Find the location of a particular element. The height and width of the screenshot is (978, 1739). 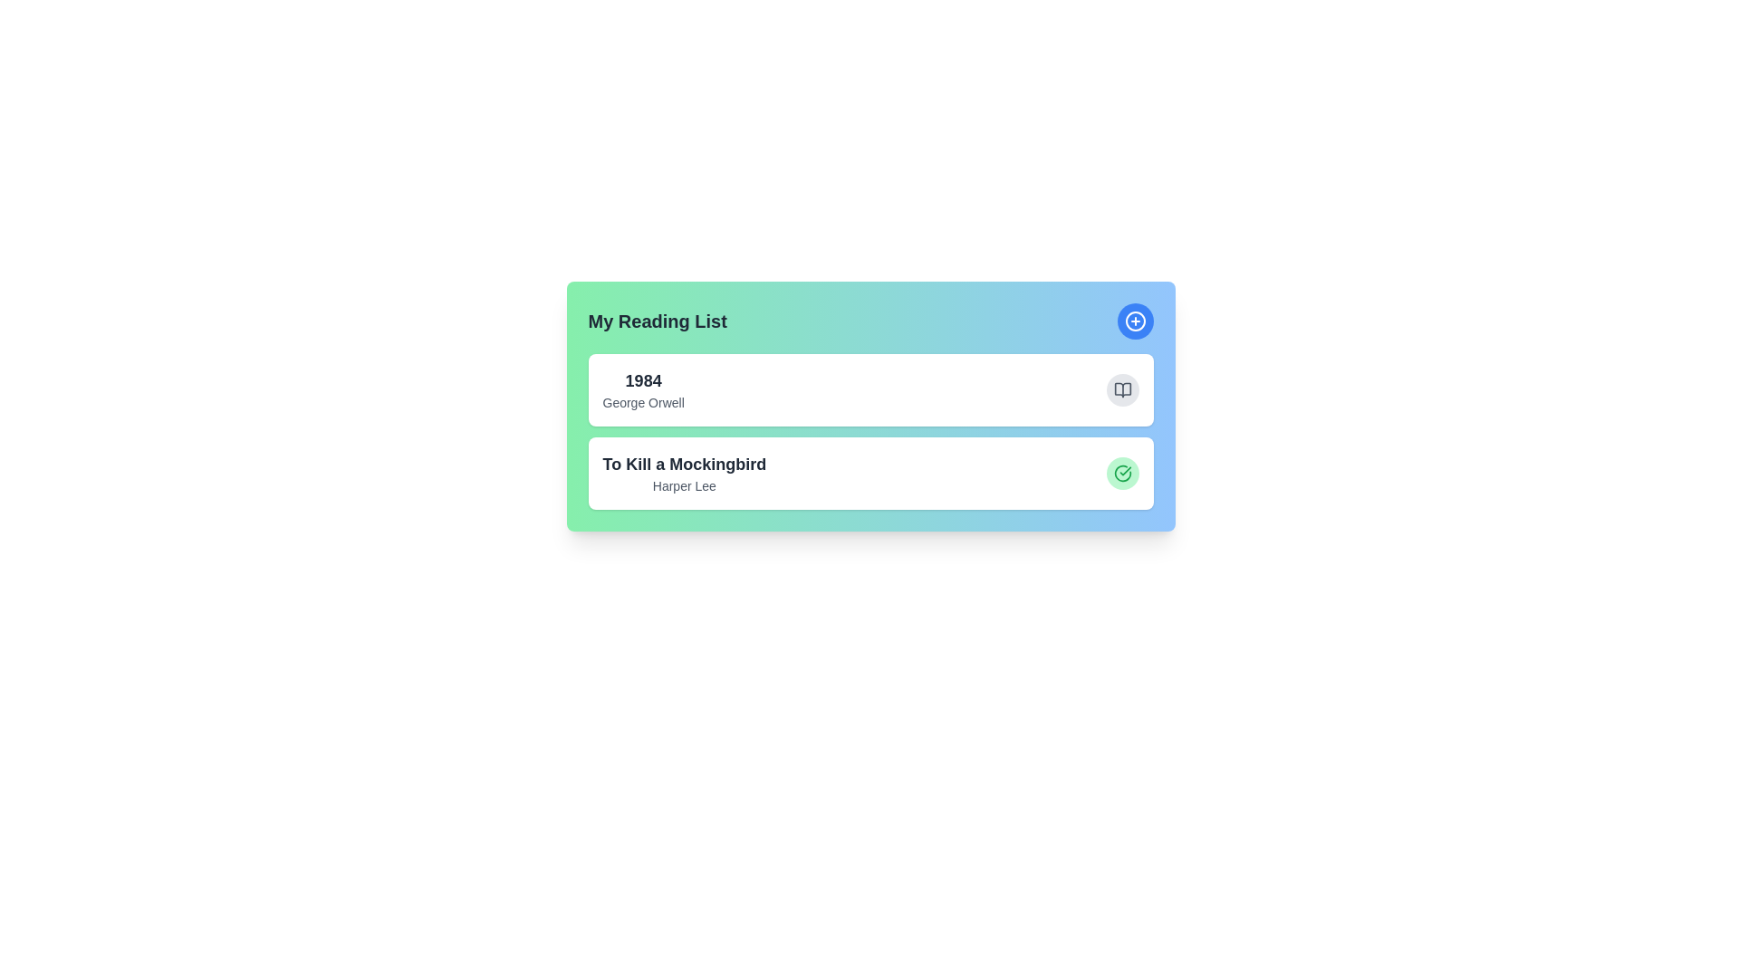

the '+' button to add a new book to the reading list is located at coordinates (1134, 320).